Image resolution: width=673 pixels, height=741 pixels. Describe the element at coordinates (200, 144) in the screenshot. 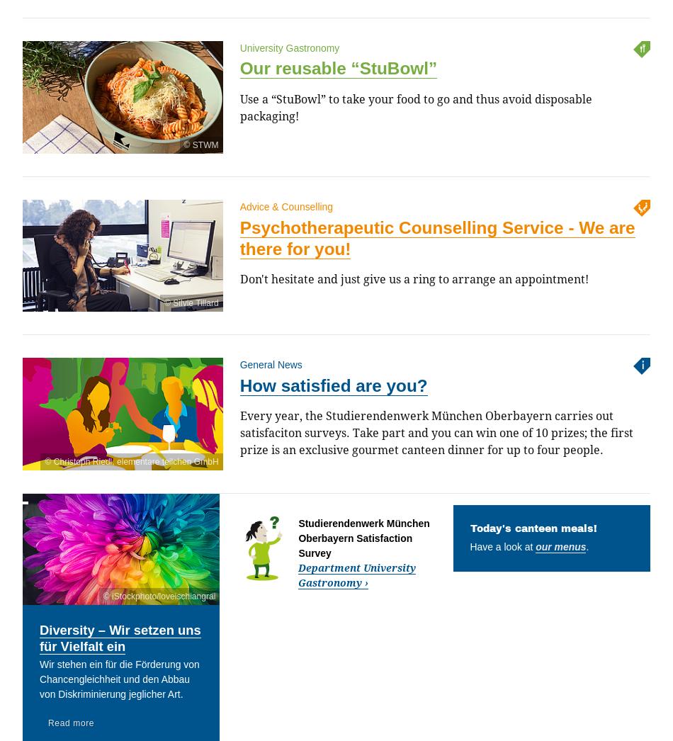

I see `'© STWM'` at that location.